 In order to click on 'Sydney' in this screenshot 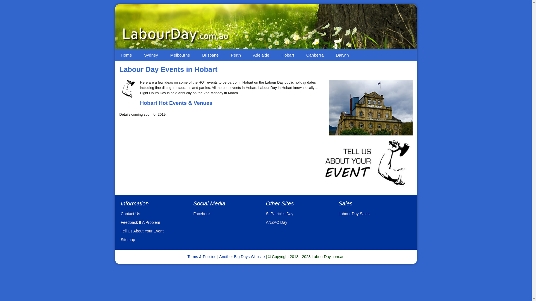, I will do `click(151, 55)`.